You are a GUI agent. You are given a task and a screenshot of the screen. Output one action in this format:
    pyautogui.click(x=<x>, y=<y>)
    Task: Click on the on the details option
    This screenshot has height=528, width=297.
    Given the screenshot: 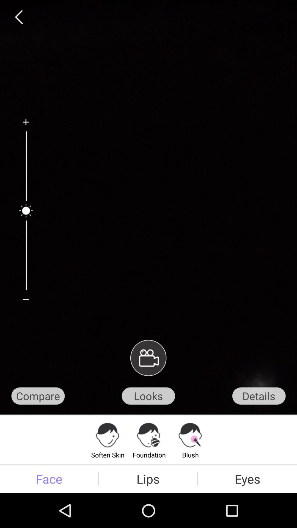 What is the action you would take?
    pyautogui.click(x=259, y=396)
    